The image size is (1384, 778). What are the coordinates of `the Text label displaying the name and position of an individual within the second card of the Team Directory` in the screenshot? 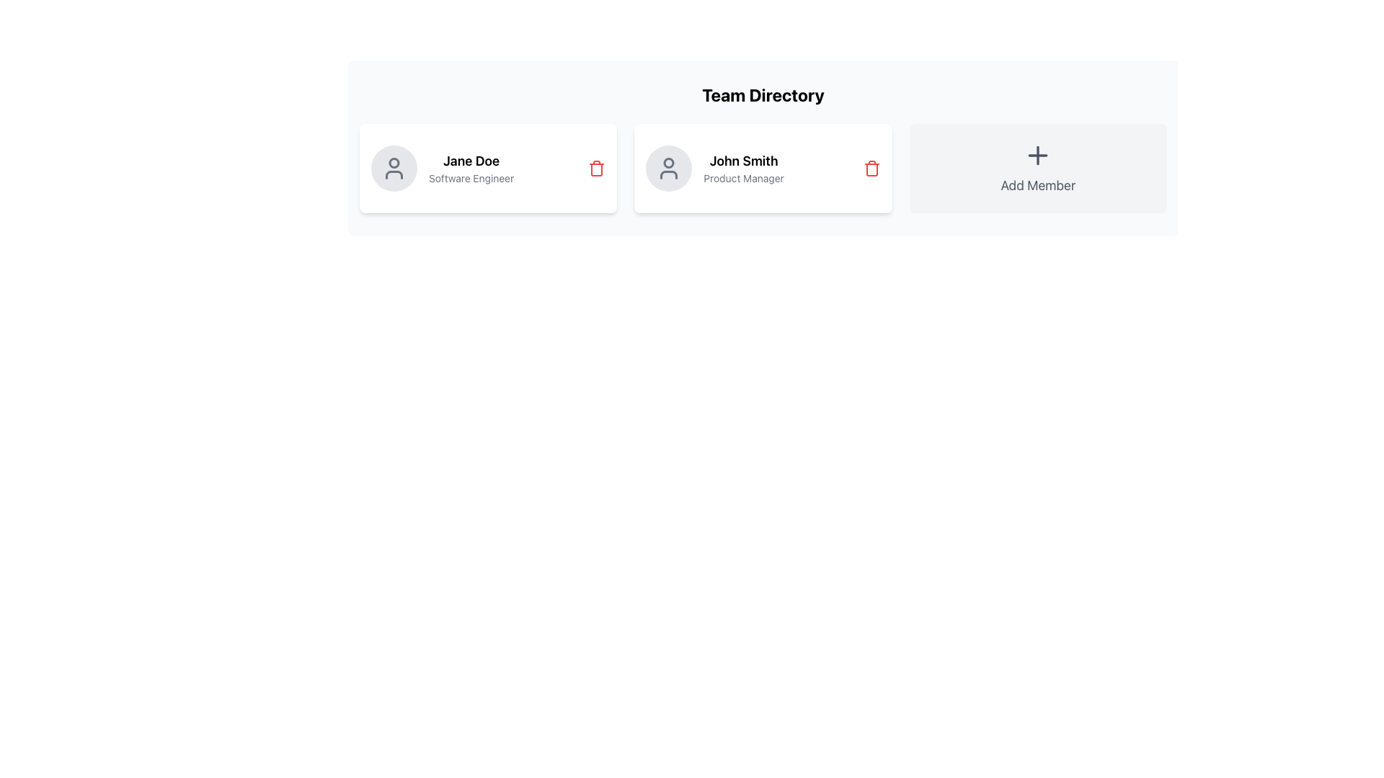 It's located at (744, 168).